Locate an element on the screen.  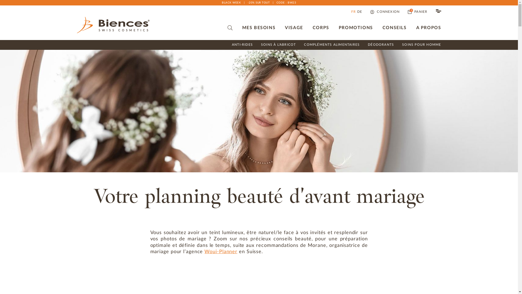
'DE' is located at coordinates (357, 12).